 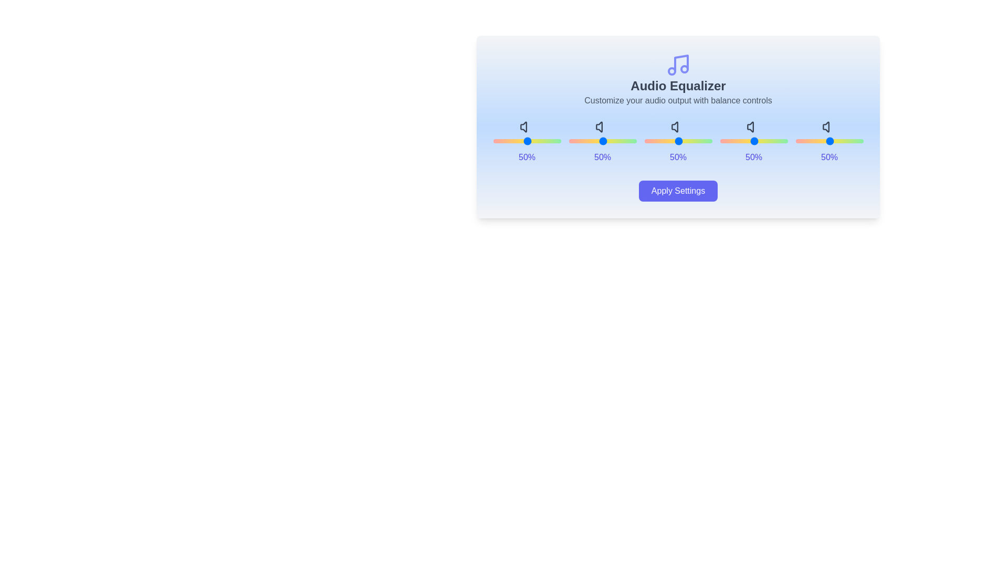 I want to click on the slider for band 2 to 75%, so click(x=717, y=141).